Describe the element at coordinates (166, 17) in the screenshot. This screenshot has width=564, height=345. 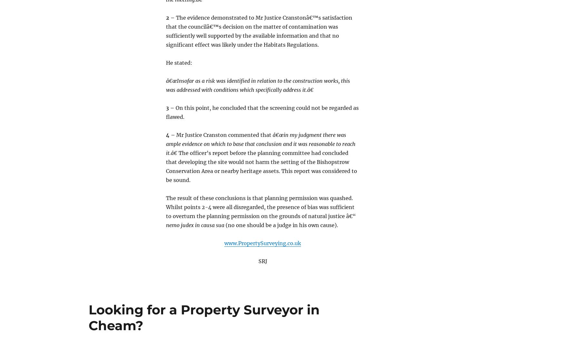
I see `'2 –'` at that location.